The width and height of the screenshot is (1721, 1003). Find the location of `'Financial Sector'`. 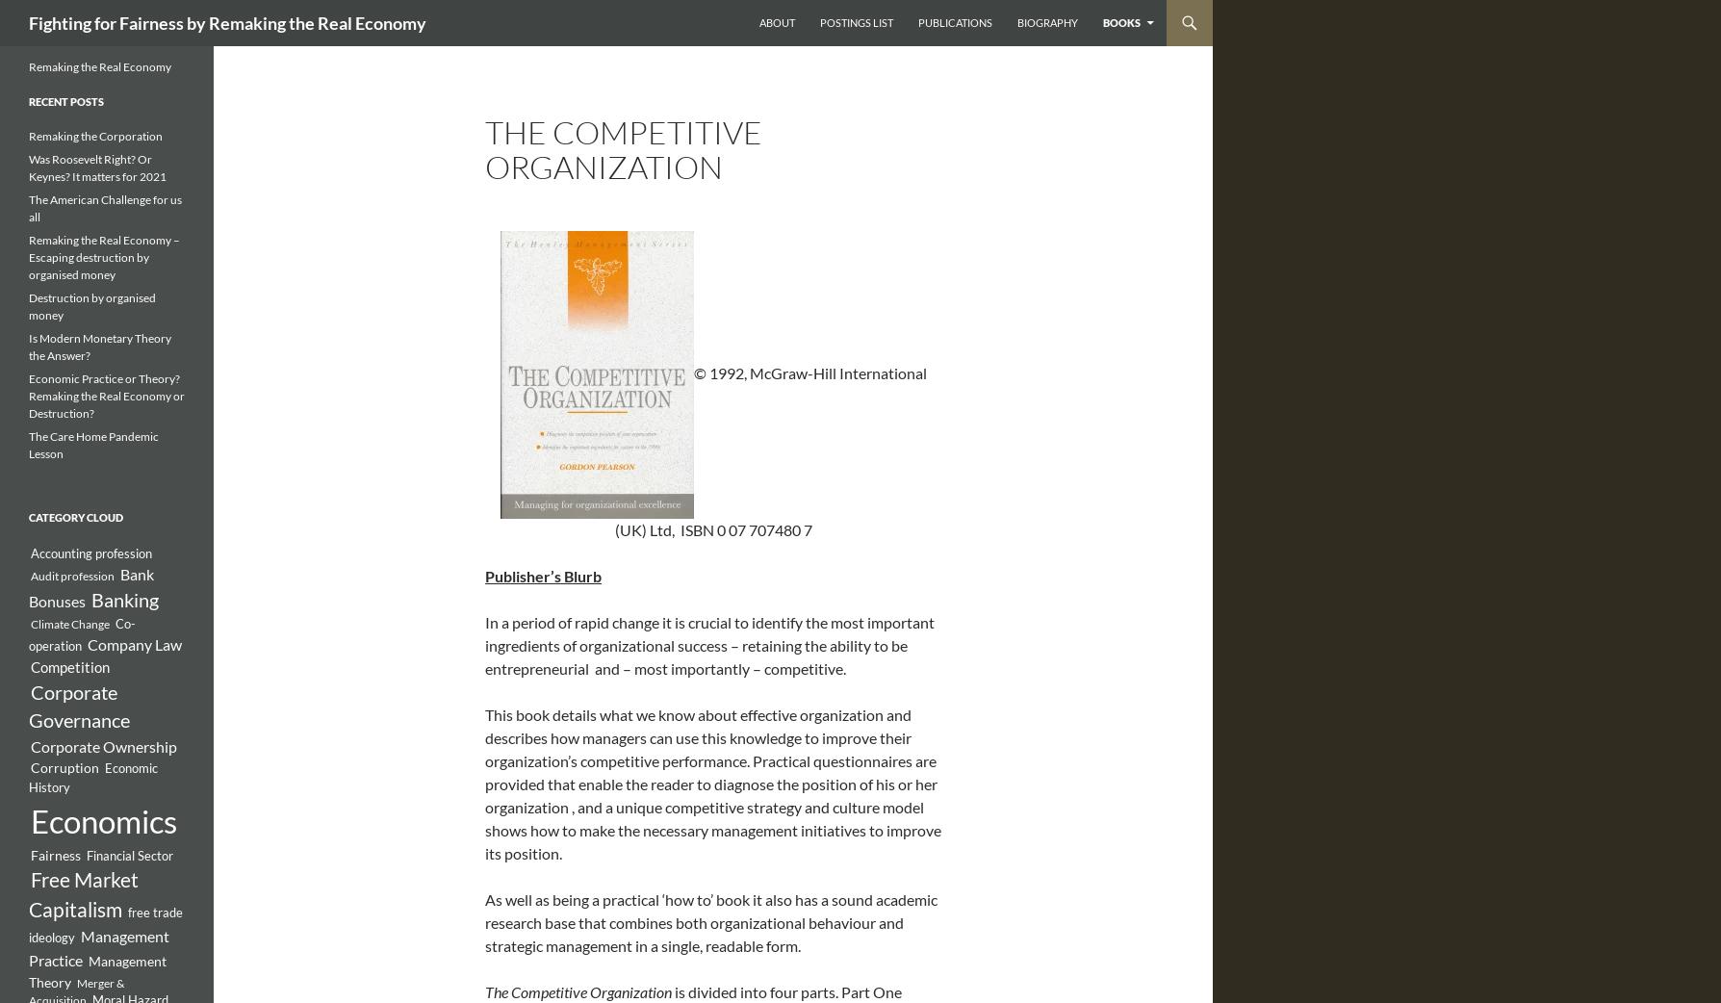

'Financial Sector' is located at coordinates (129, 855).